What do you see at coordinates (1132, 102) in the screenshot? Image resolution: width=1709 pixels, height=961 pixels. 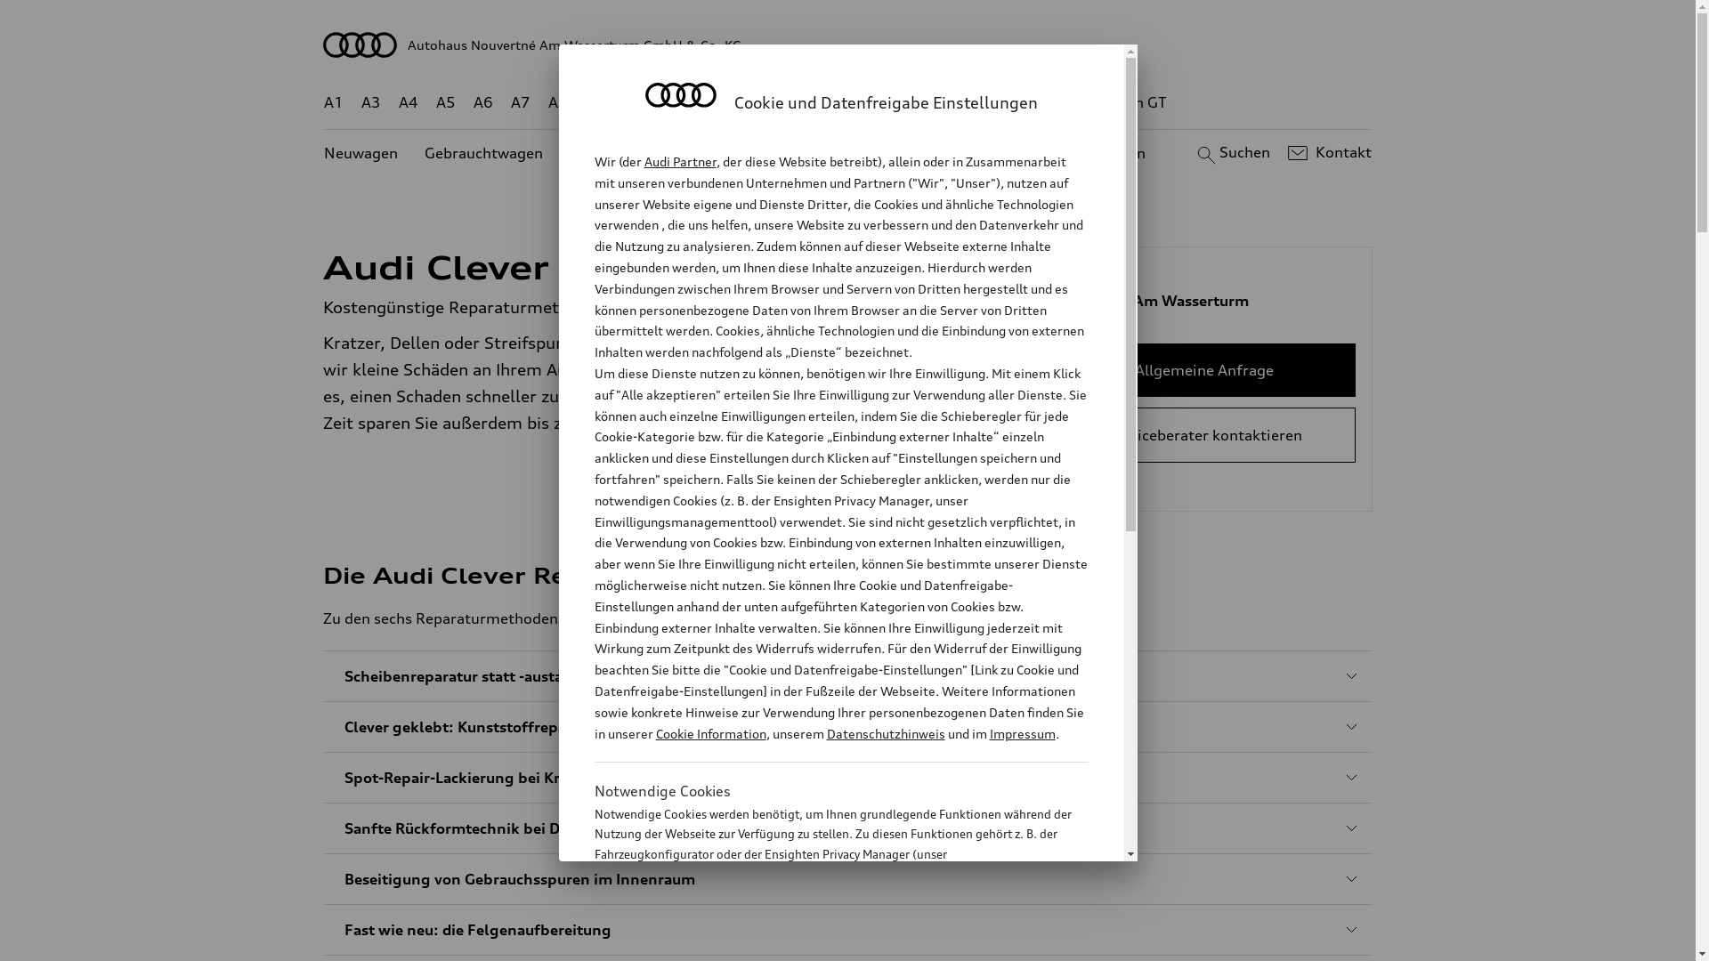 I see `'e-tron GT'` at bounding box center [1132, 102].